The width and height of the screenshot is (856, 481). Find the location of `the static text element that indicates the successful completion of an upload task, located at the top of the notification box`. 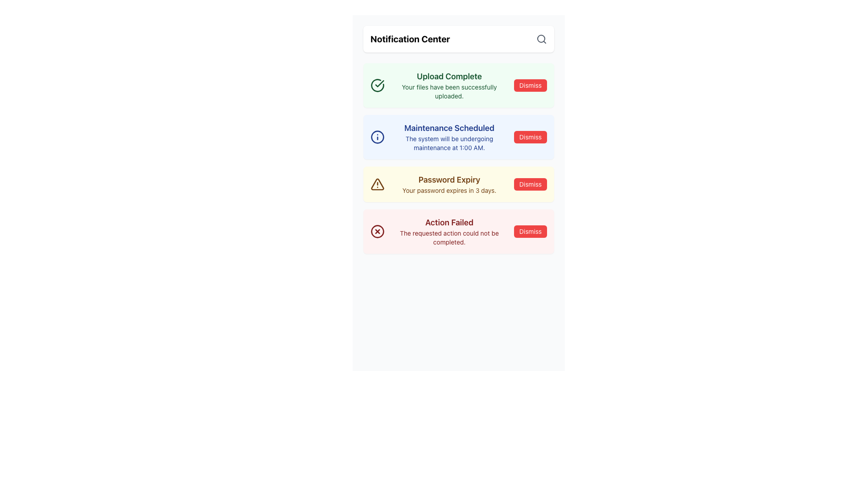

the static text element that indicates the successful completion of an upload task, located at the top of the notification box is located at coordinates (449, 76).